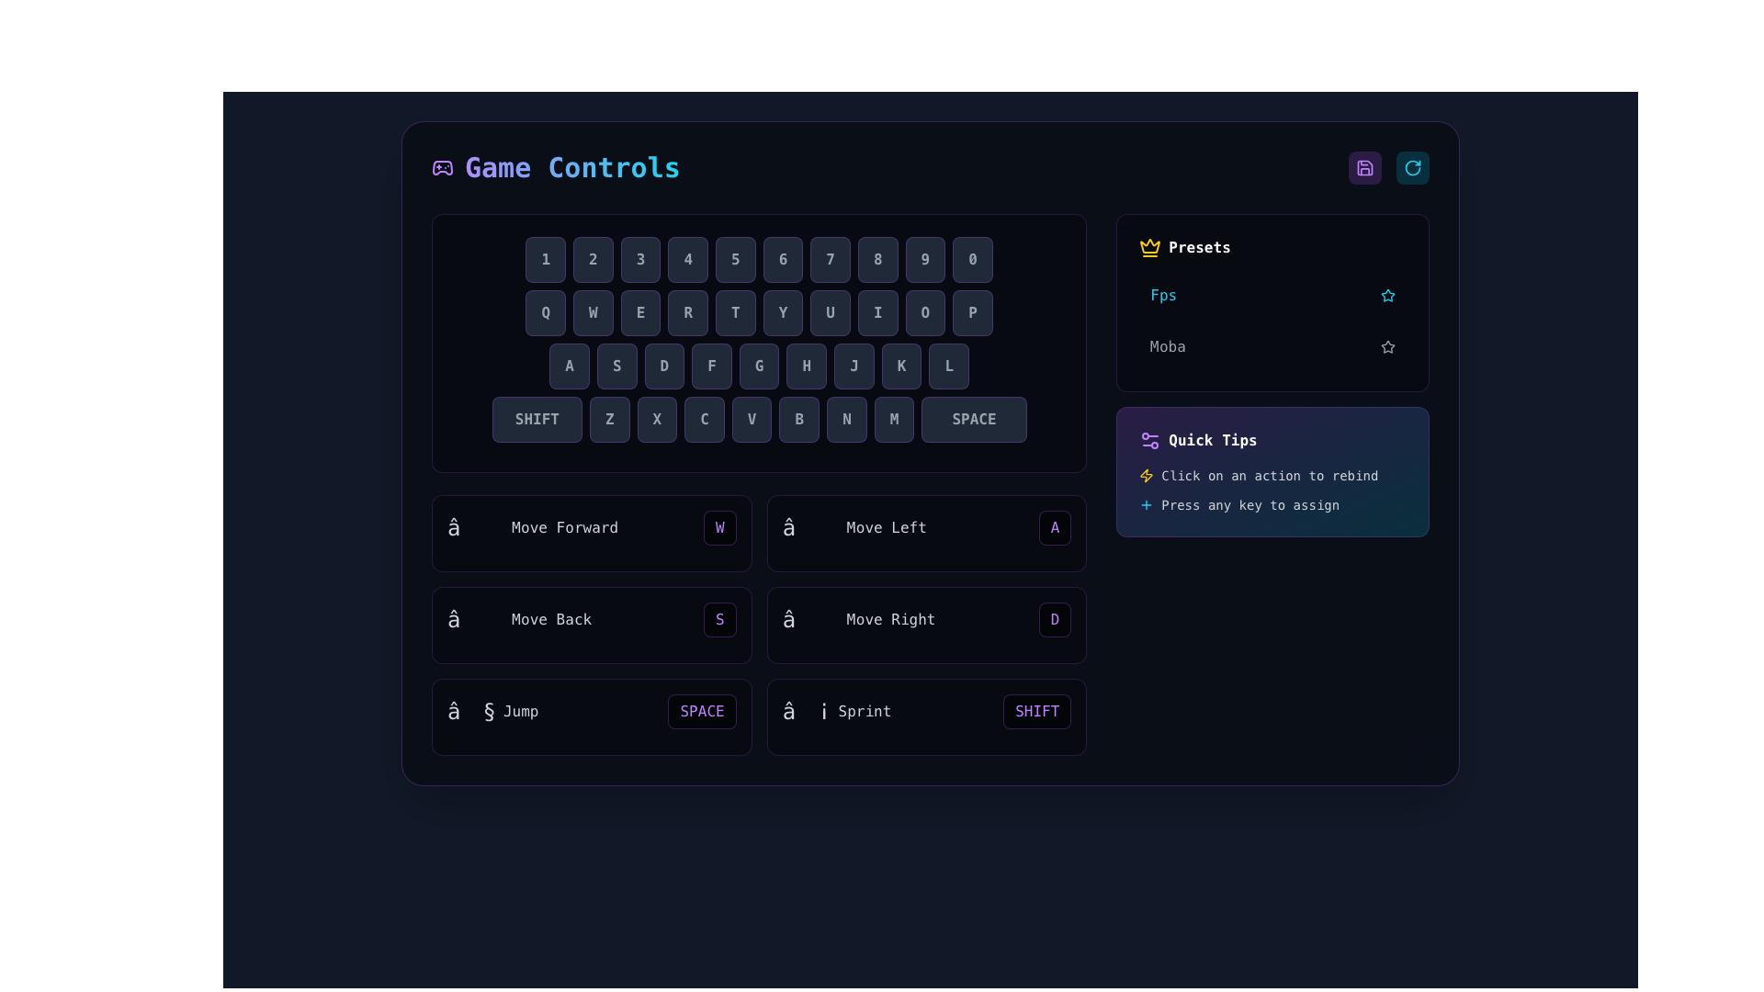 The height and width of the screenshot is (992, 1764). Describe the element at coordinates (663, 366) in the screenshot. I see `the square button with rounded corners displaying the letter 'D' in a bold typeface, located in the virtual keyboard layout, third from the left in its row` at that location.